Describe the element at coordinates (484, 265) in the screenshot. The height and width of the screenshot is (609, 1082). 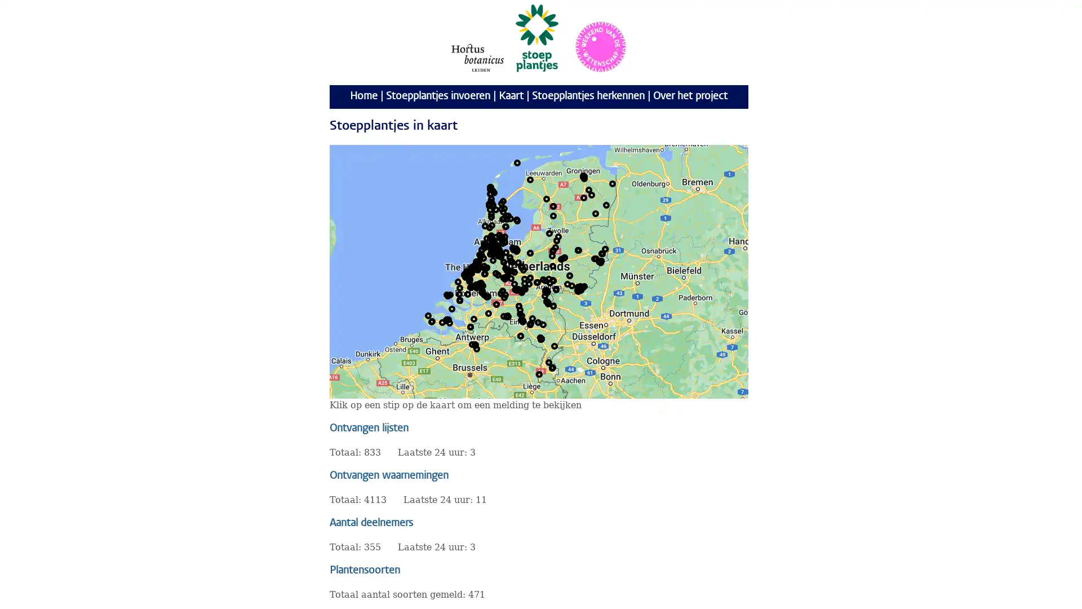
I see `Telling van op 21 november 2021` at that location.